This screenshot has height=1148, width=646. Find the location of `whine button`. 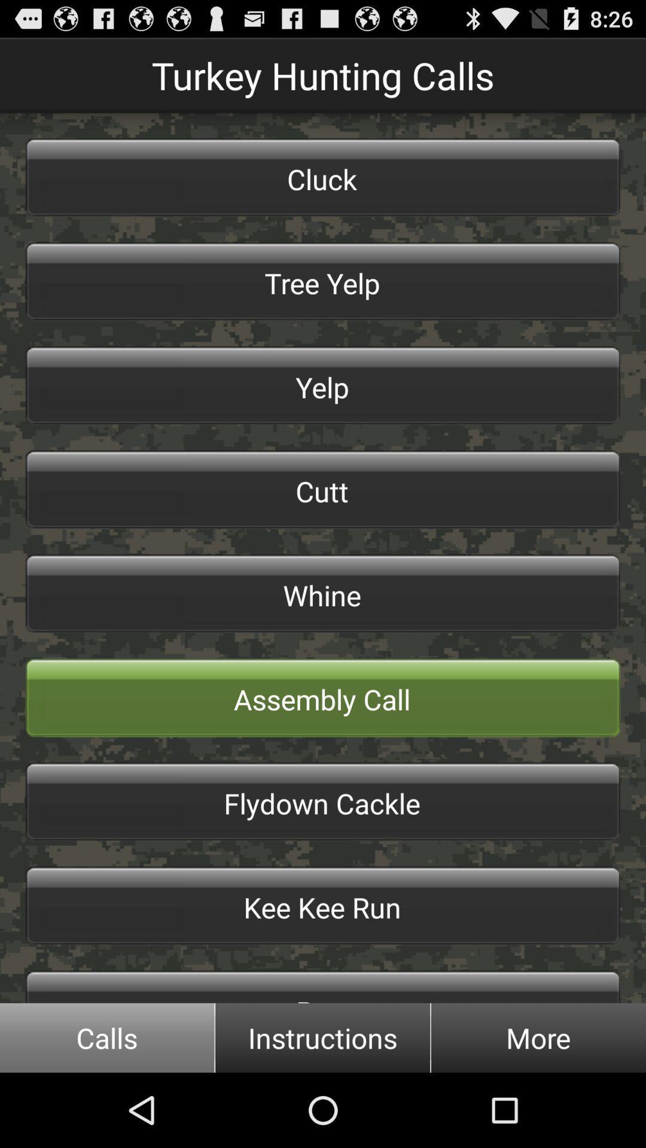

whine button is located at coordinates (323, 594).